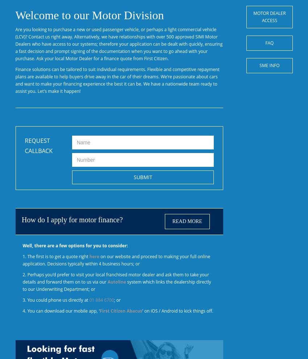  Describe the element at coordinates (90, 15) in the screenshot. I see `'Welcome to our Motor Division'` at that location.